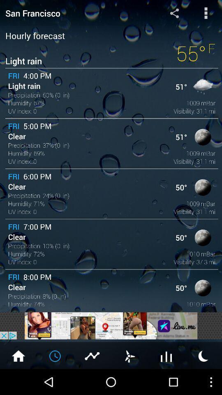 This screenshot has width=222, height=395. Describe the element at coordinates (55, 355) in the screenshot. I see `check time` at that location.